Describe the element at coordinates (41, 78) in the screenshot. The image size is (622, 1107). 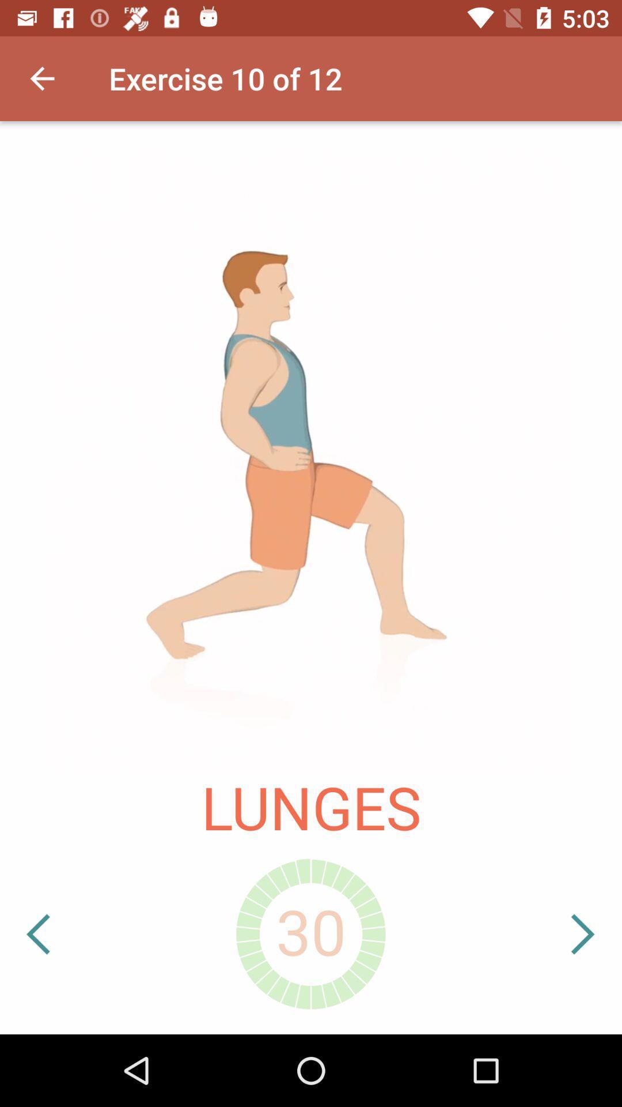
I see `icon next to exercise 10 of icon` at that location.